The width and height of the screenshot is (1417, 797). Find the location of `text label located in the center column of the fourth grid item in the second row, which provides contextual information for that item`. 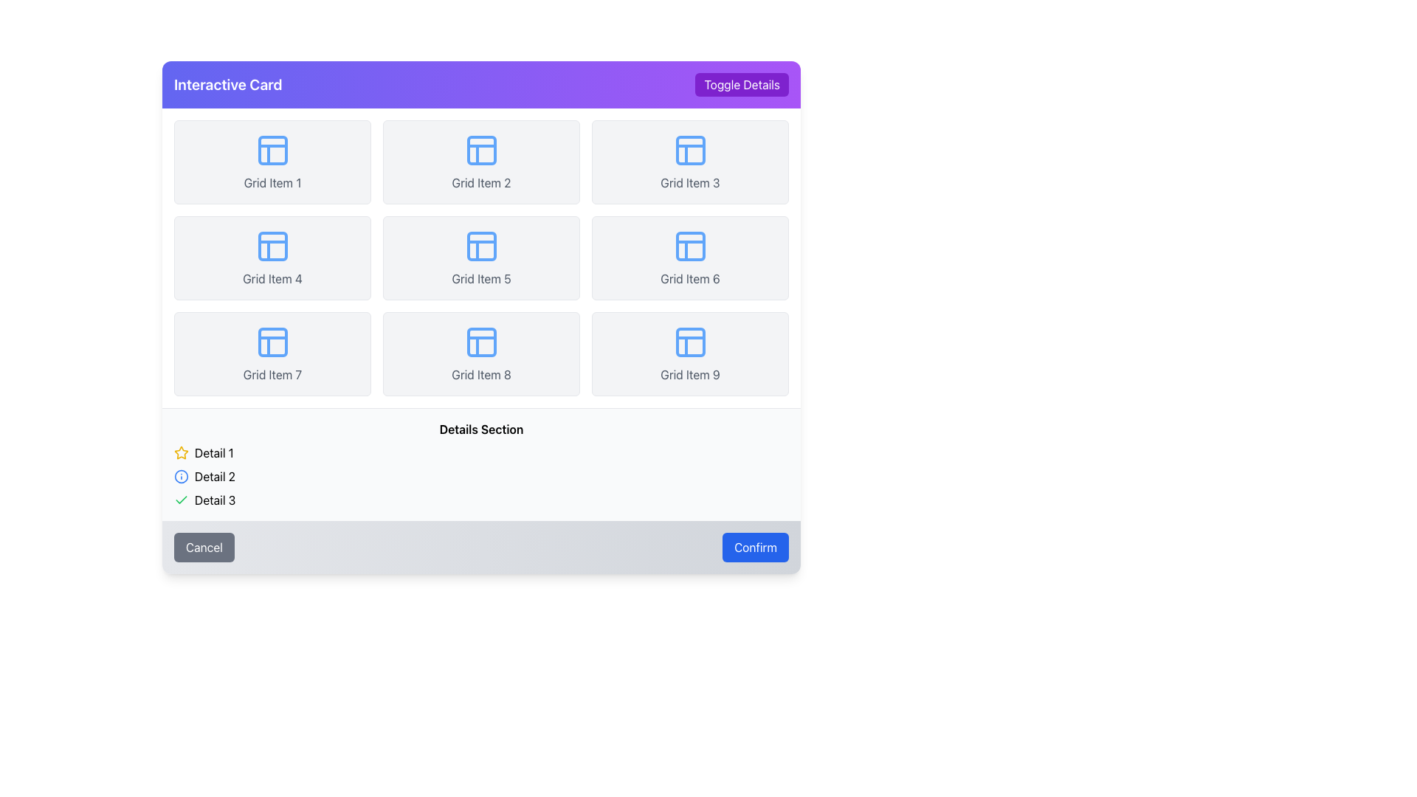

text label located in the center column of the fourth grid item in the second row, which provides contextual information for that item is located at coordinates (272, 279).